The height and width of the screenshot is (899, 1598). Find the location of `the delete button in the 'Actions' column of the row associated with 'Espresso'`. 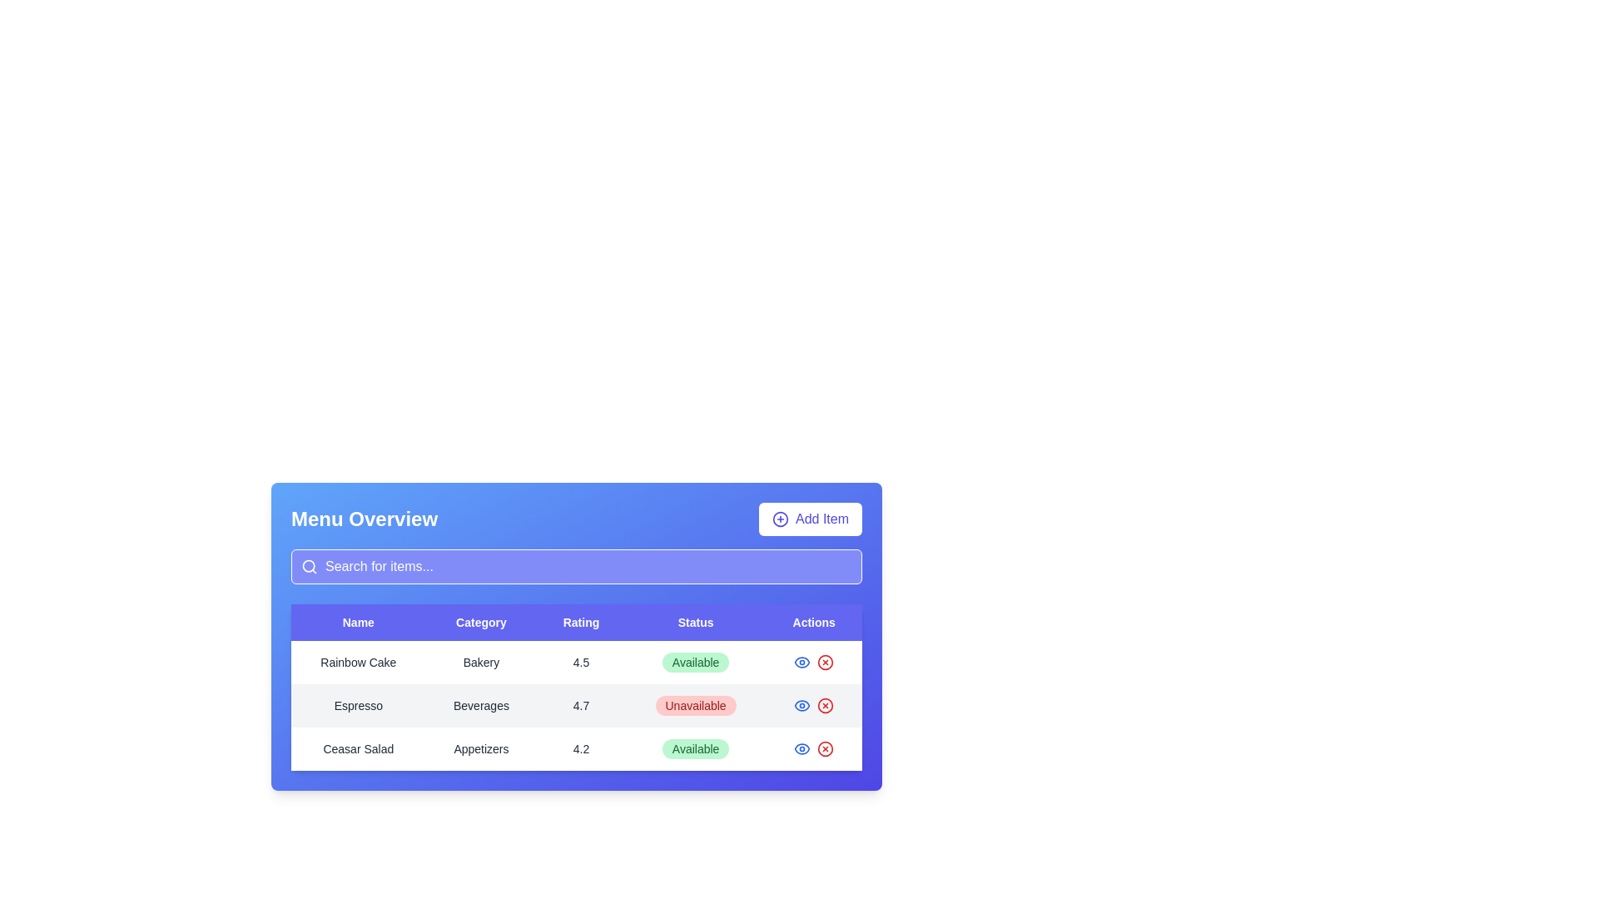

the delete button in the 'Actions' column of the row associated with 'Espresso' is located at coordinates (826, 706).